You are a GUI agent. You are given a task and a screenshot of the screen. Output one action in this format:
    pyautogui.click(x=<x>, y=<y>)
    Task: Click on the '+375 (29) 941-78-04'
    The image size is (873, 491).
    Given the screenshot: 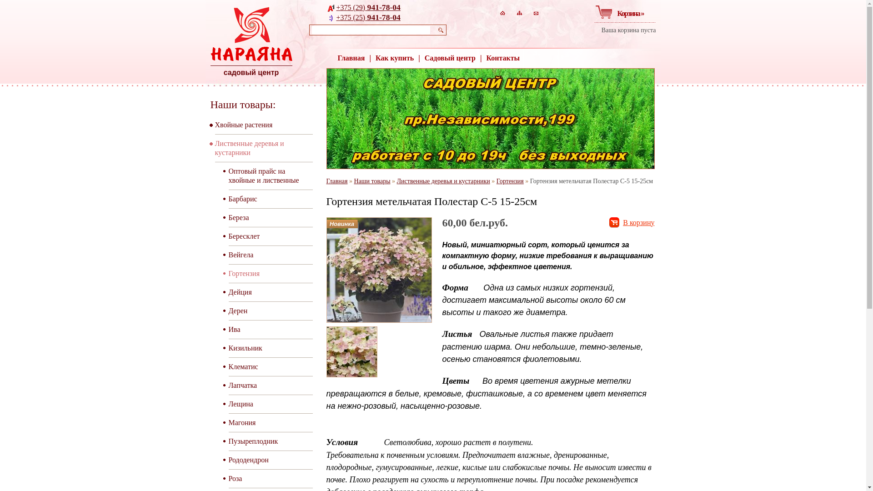 What is the action you would take?
    pyautogui.click(x=368, y=7)
    